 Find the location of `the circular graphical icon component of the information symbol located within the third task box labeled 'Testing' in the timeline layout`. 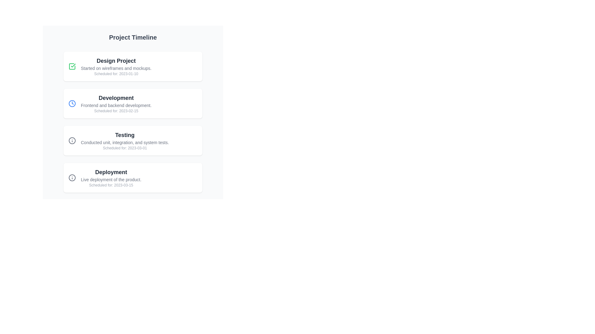

the circular graphical icon component of the information symbol located within the third task box labeled 'Testing' in the timeline layout is located at coordinates (72, 178).